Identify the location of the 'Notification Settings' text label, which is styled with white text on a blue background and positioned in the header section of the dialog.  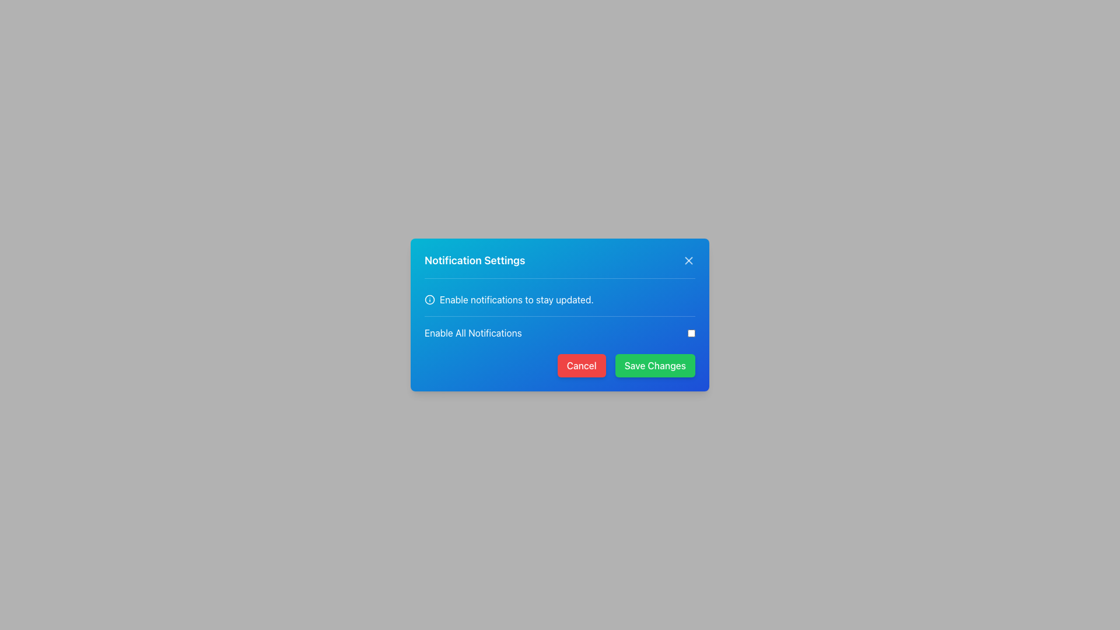
(475, 260).